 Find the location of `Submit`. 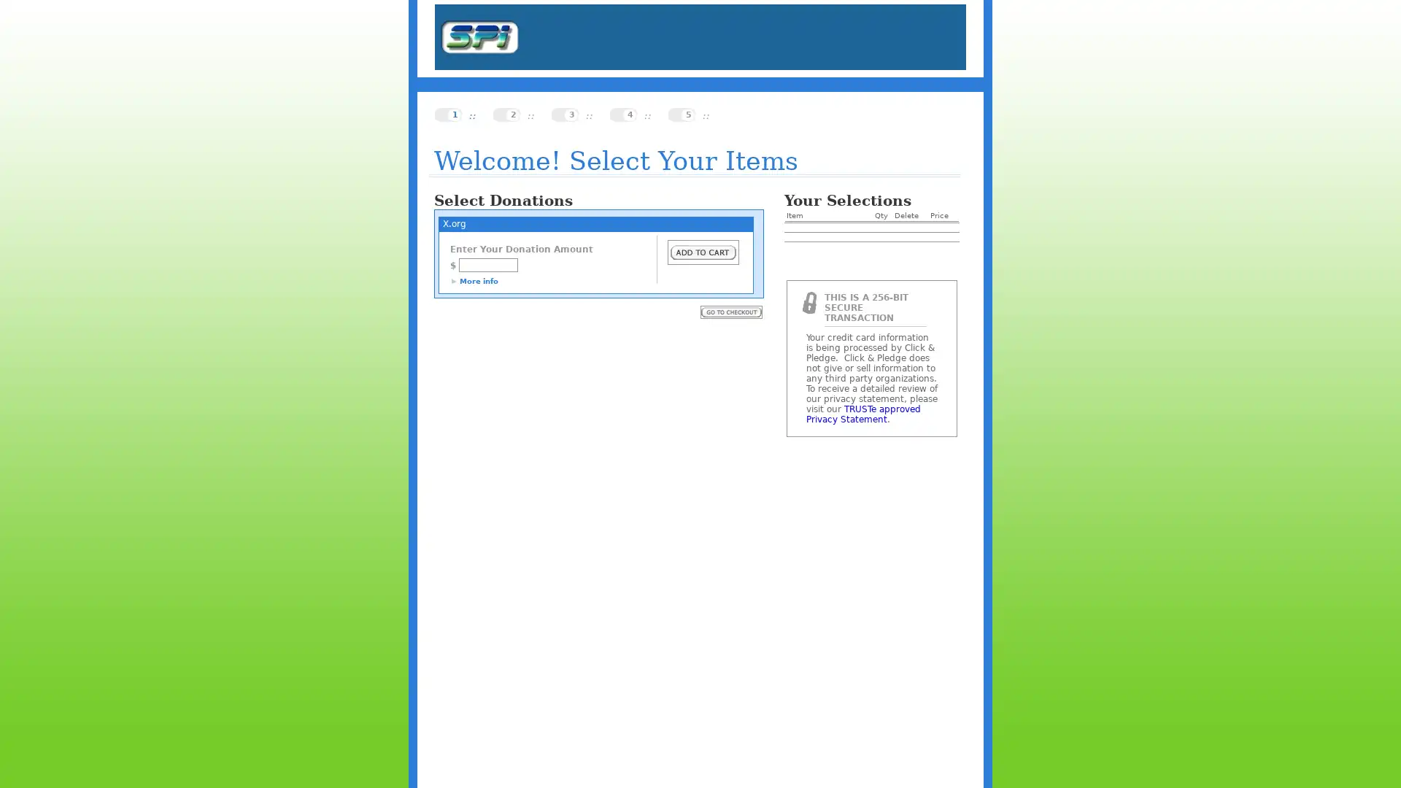

Submit is located at coordinates (731, 312).